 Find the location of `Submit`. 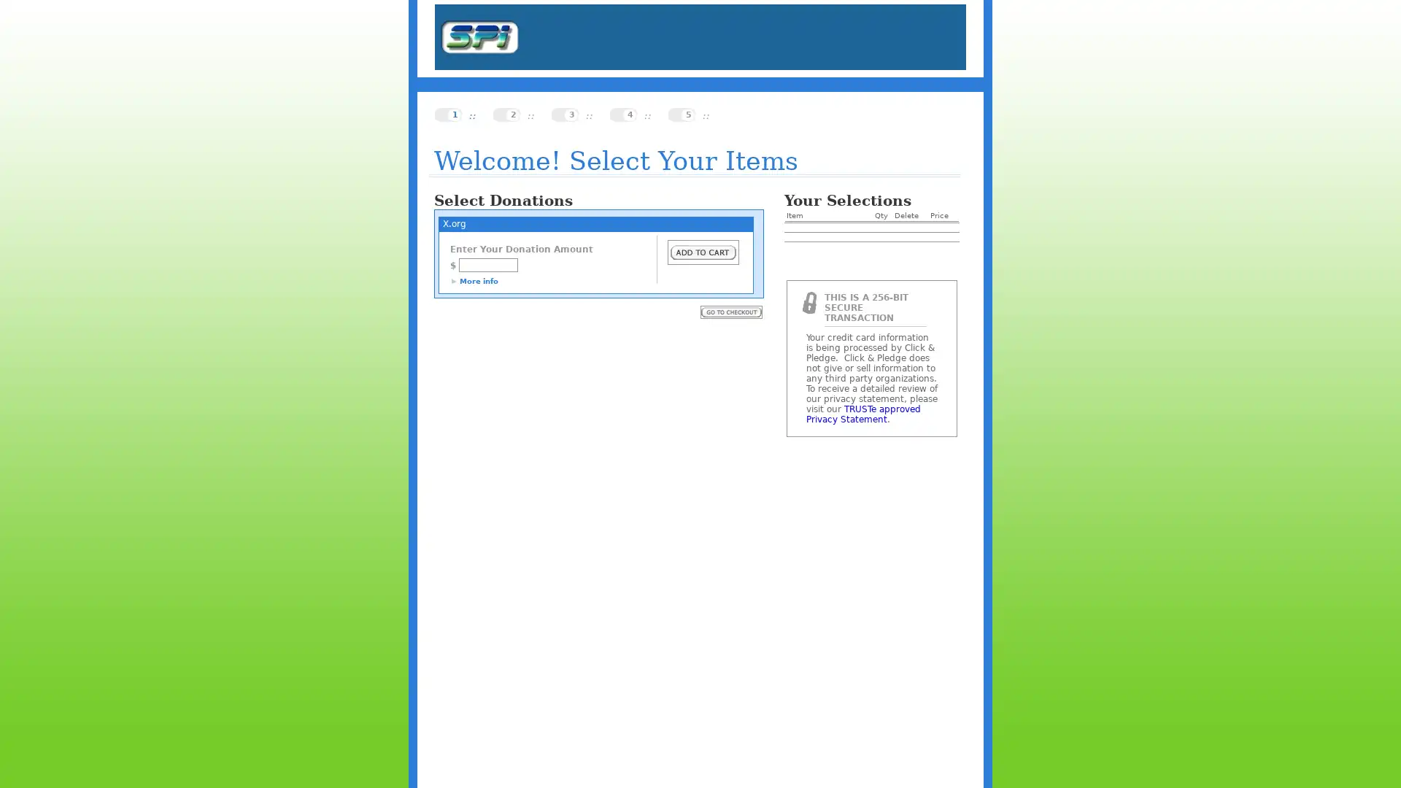

Submit is located at coordinates (731, 312).